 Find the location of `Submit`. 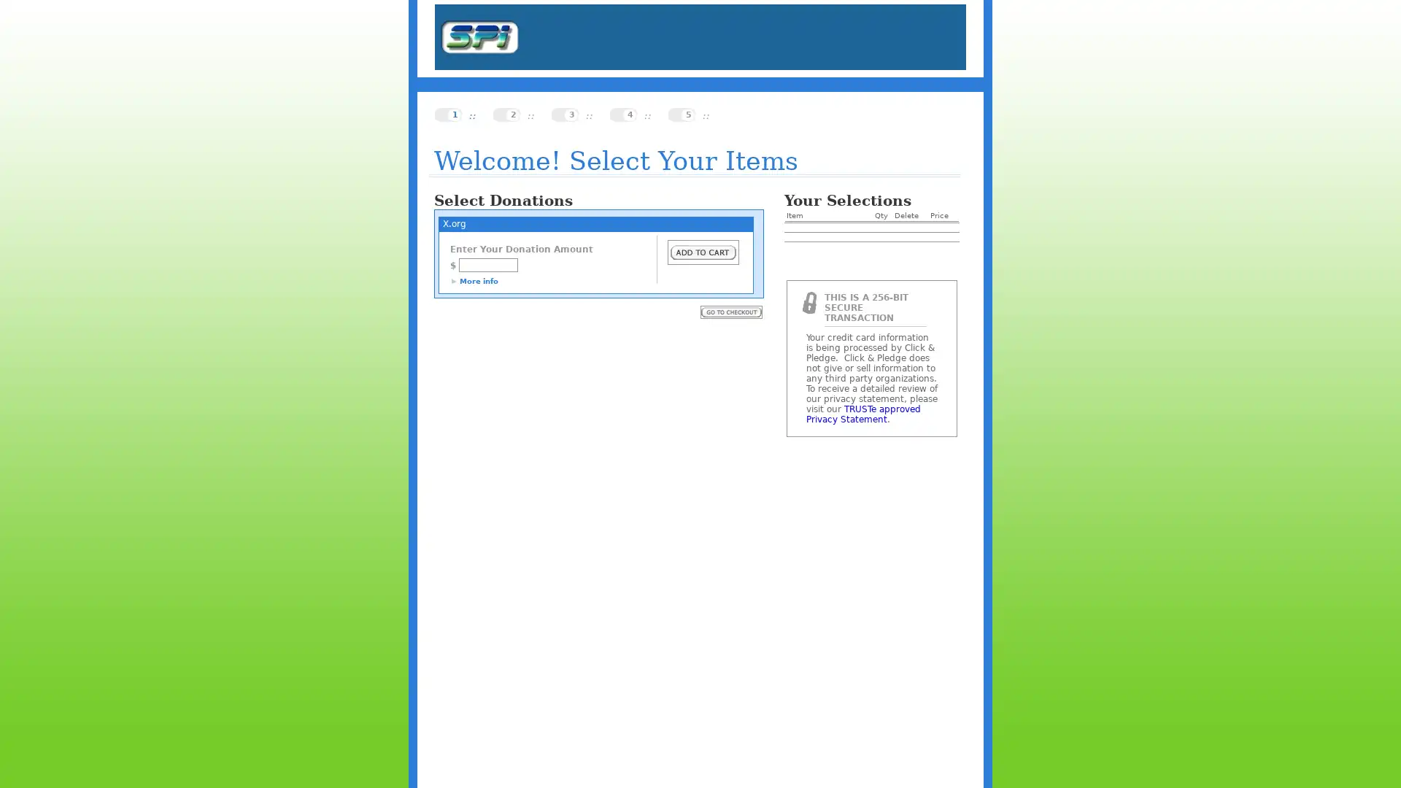

Submit is located at coordinates (731, 312).